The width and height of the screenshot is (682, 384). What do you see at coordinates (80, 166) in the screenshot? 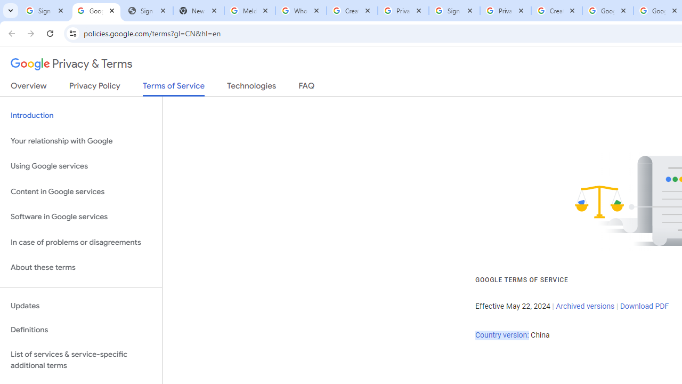
I see `'Using Google services'` at bounding box center [80, 166].